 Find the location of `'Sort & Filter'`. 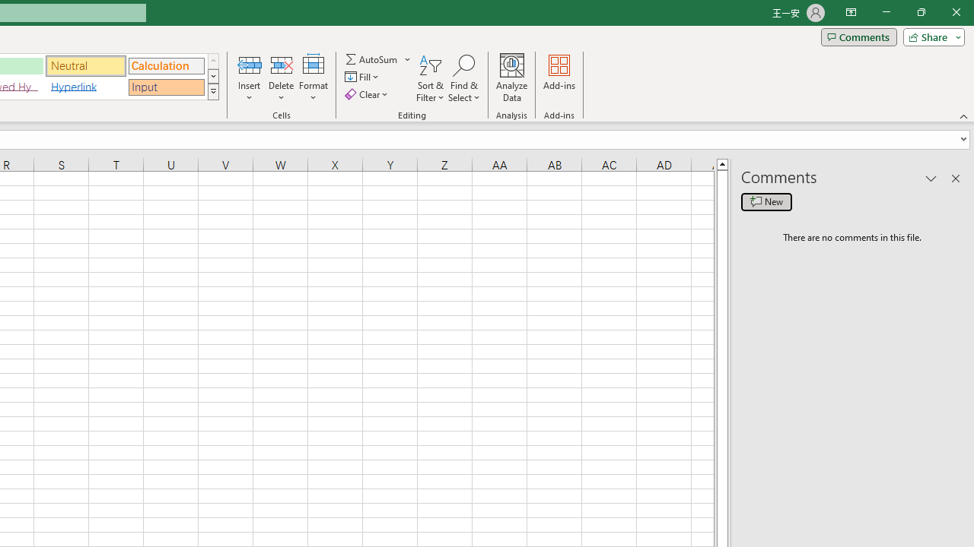

'Sort & Filter' is located at coordinates (430, 78).